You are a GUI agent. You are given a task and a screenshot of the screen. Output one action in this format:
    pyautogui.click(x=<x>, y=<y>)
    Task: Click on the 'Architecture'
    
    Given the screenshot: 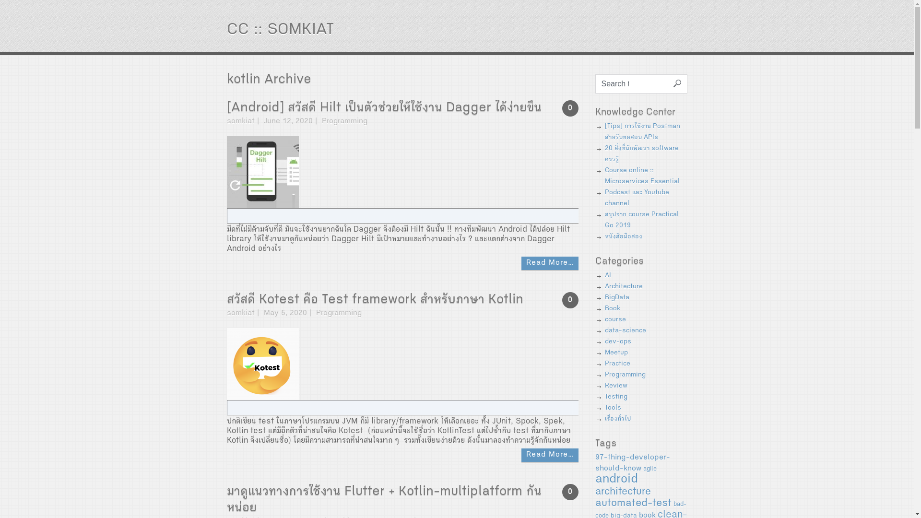 What is the action you would take?
    pyautogui.click(x=623, y=286)
    